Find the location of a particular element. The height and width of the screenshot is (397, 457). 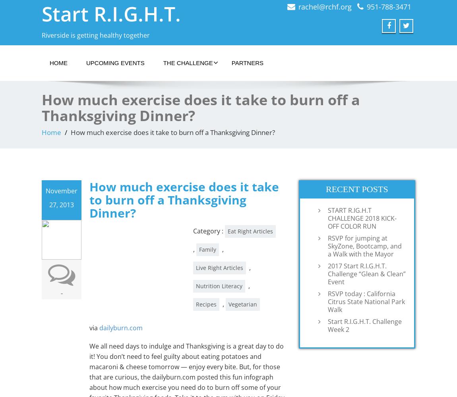

'951-788-3471' is located at coordinates (389, 7).